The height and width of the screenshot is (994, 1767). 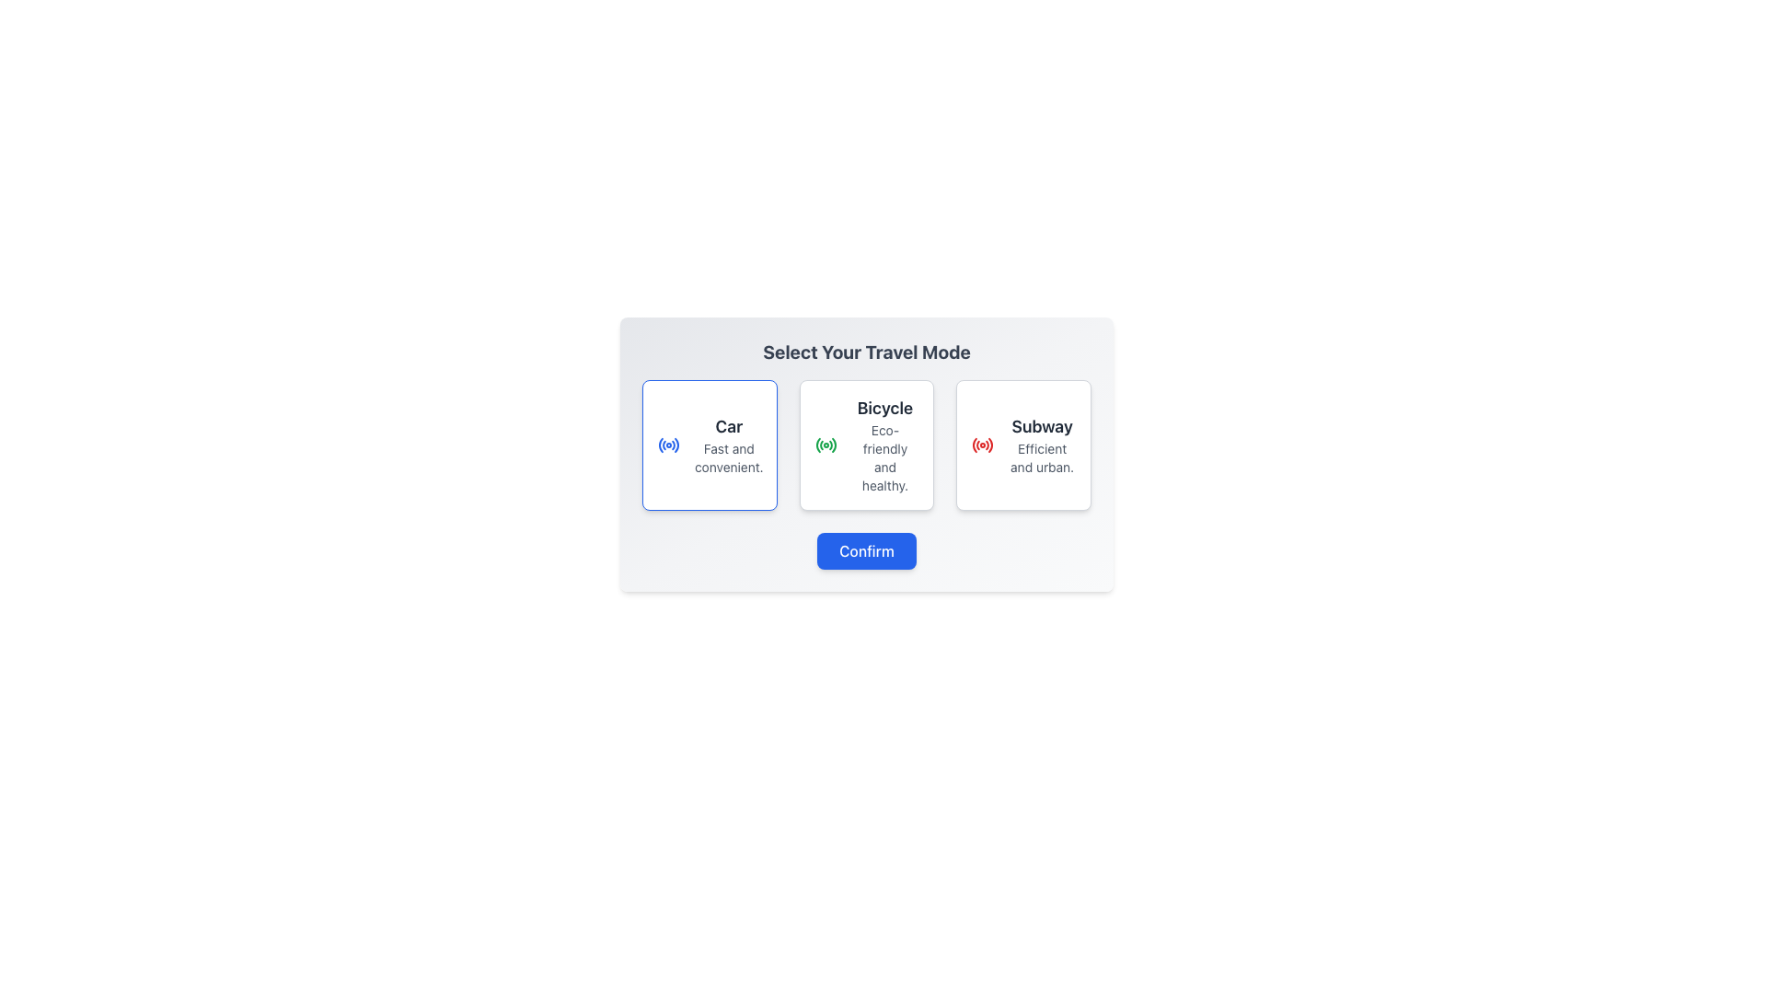 I want to click on the 'Car' transportation method text label, so click(x=728, y=445).